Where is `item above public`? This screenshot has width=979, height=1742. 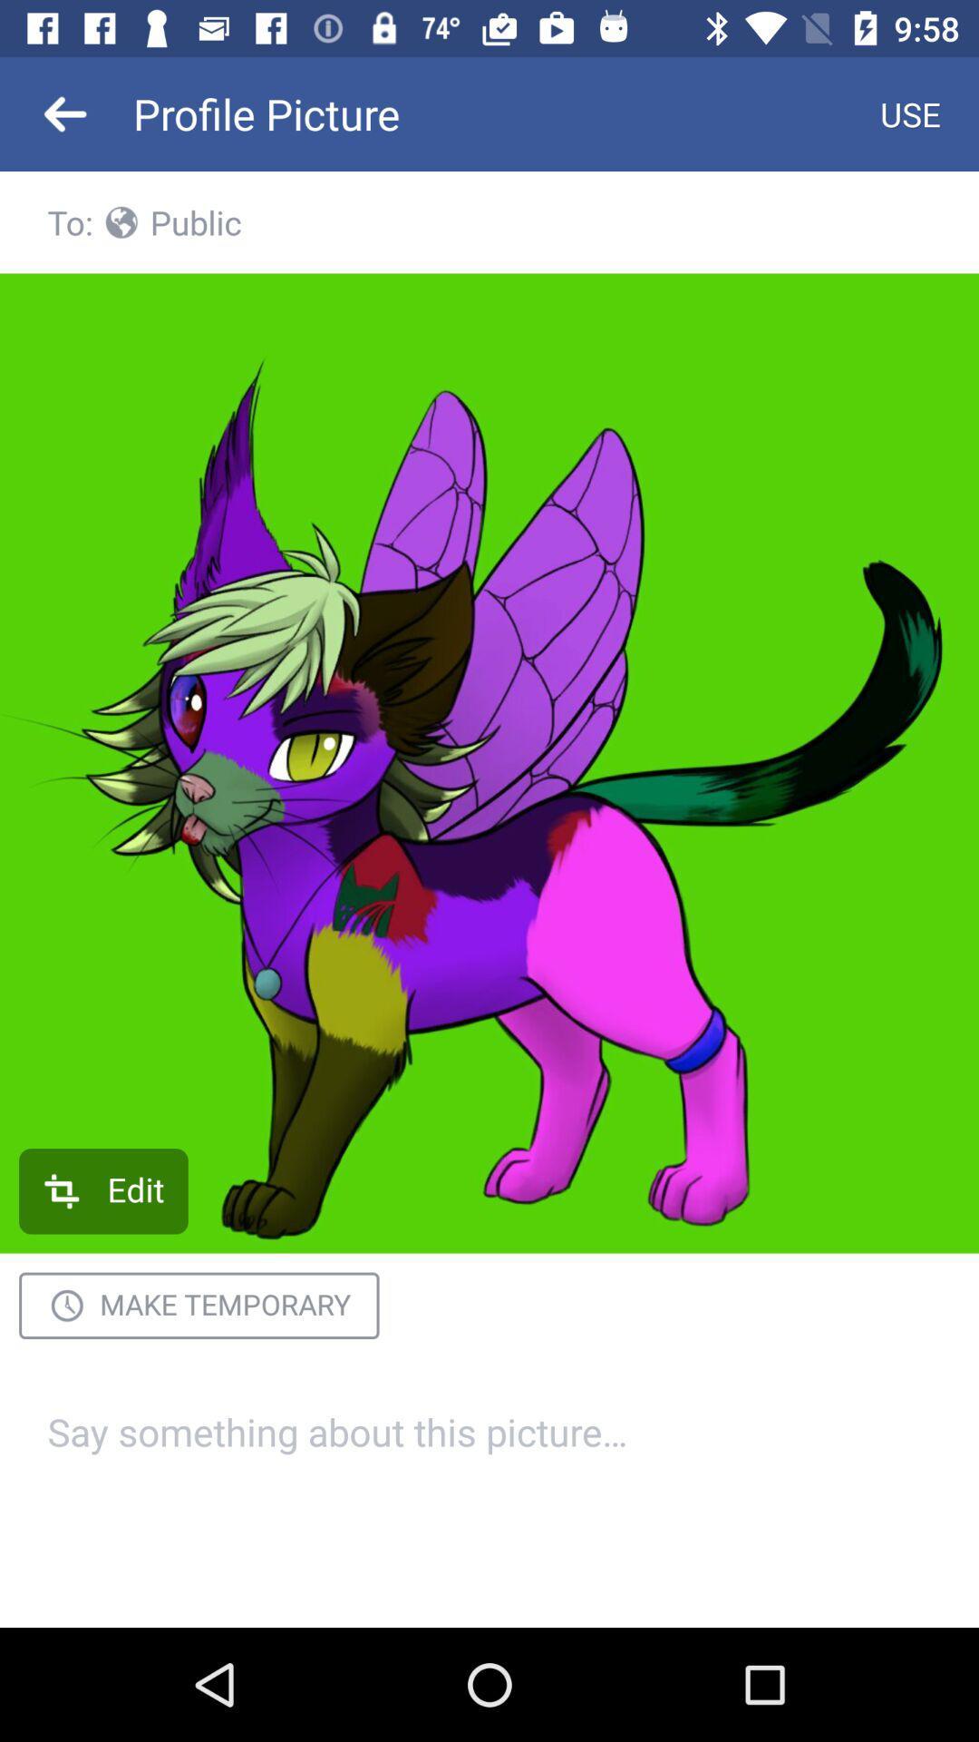
item above public is located at coordinates (910, 113).